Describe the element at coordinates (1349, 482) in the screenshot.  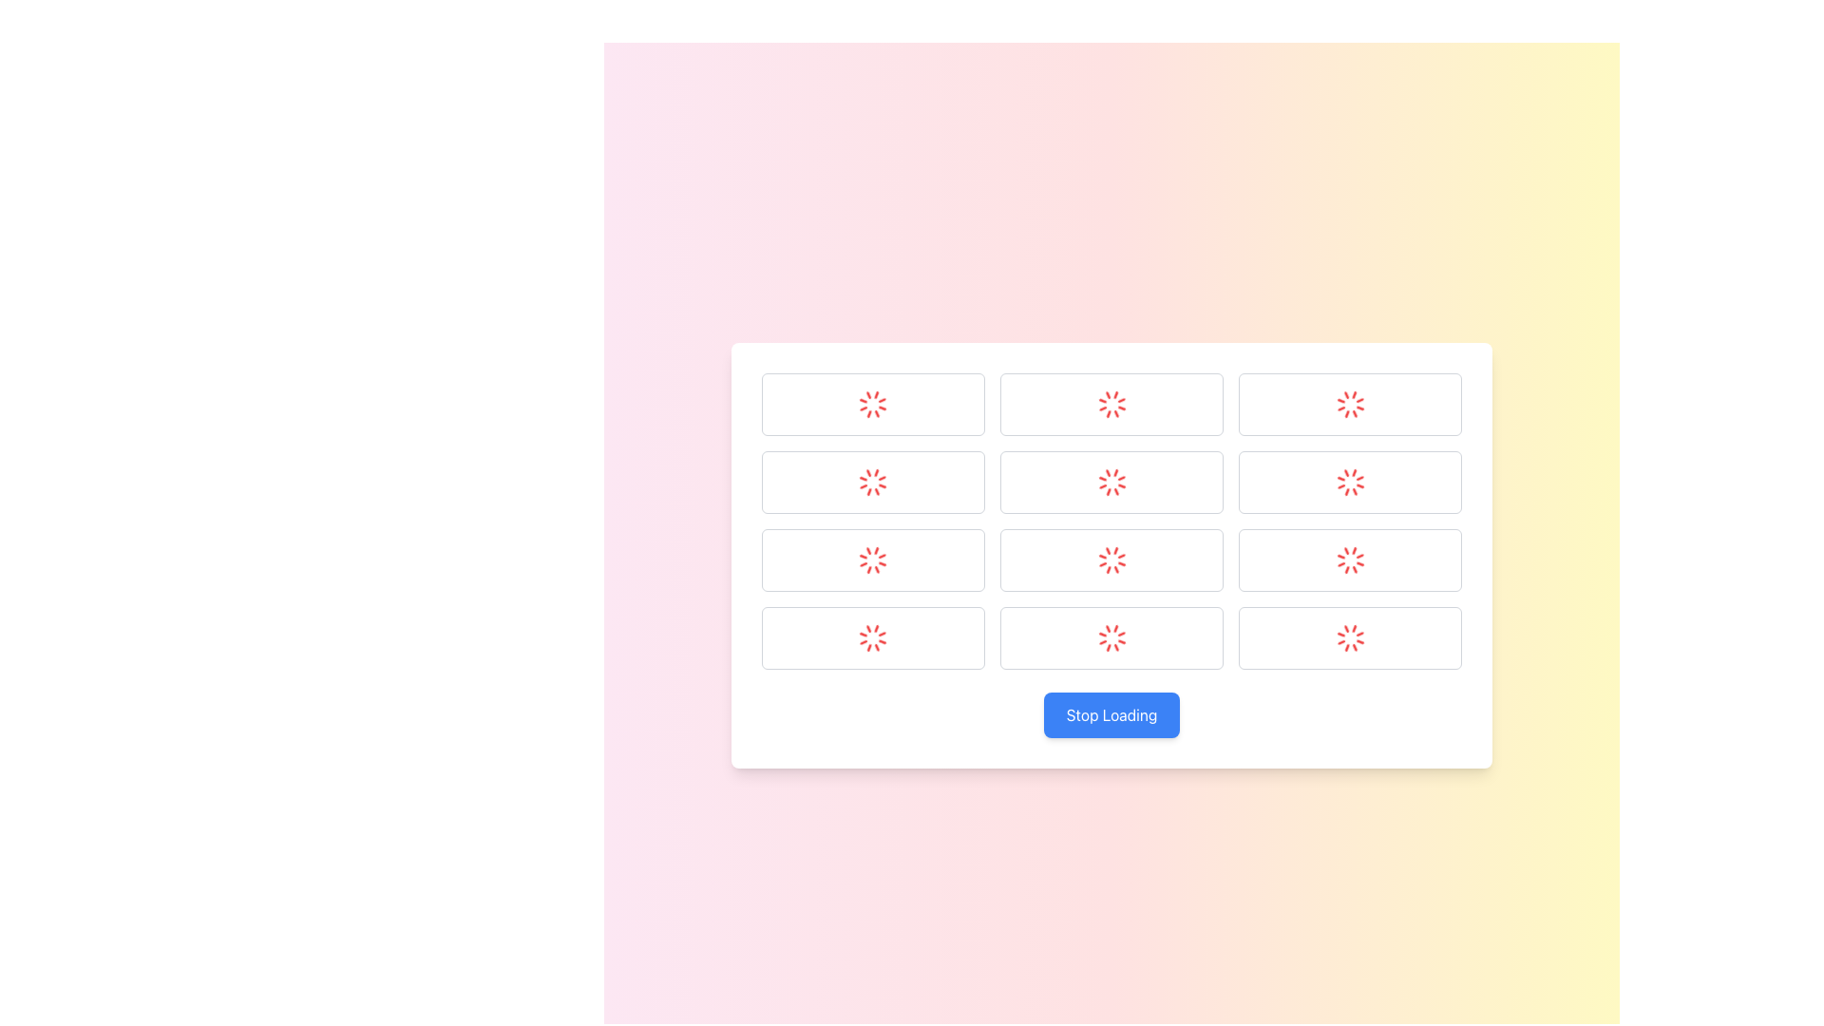
I see `the loading indicator, which is the fifth rectangle in the second row of a 3x6 grid layout, to monitor the loading indication` at that location.